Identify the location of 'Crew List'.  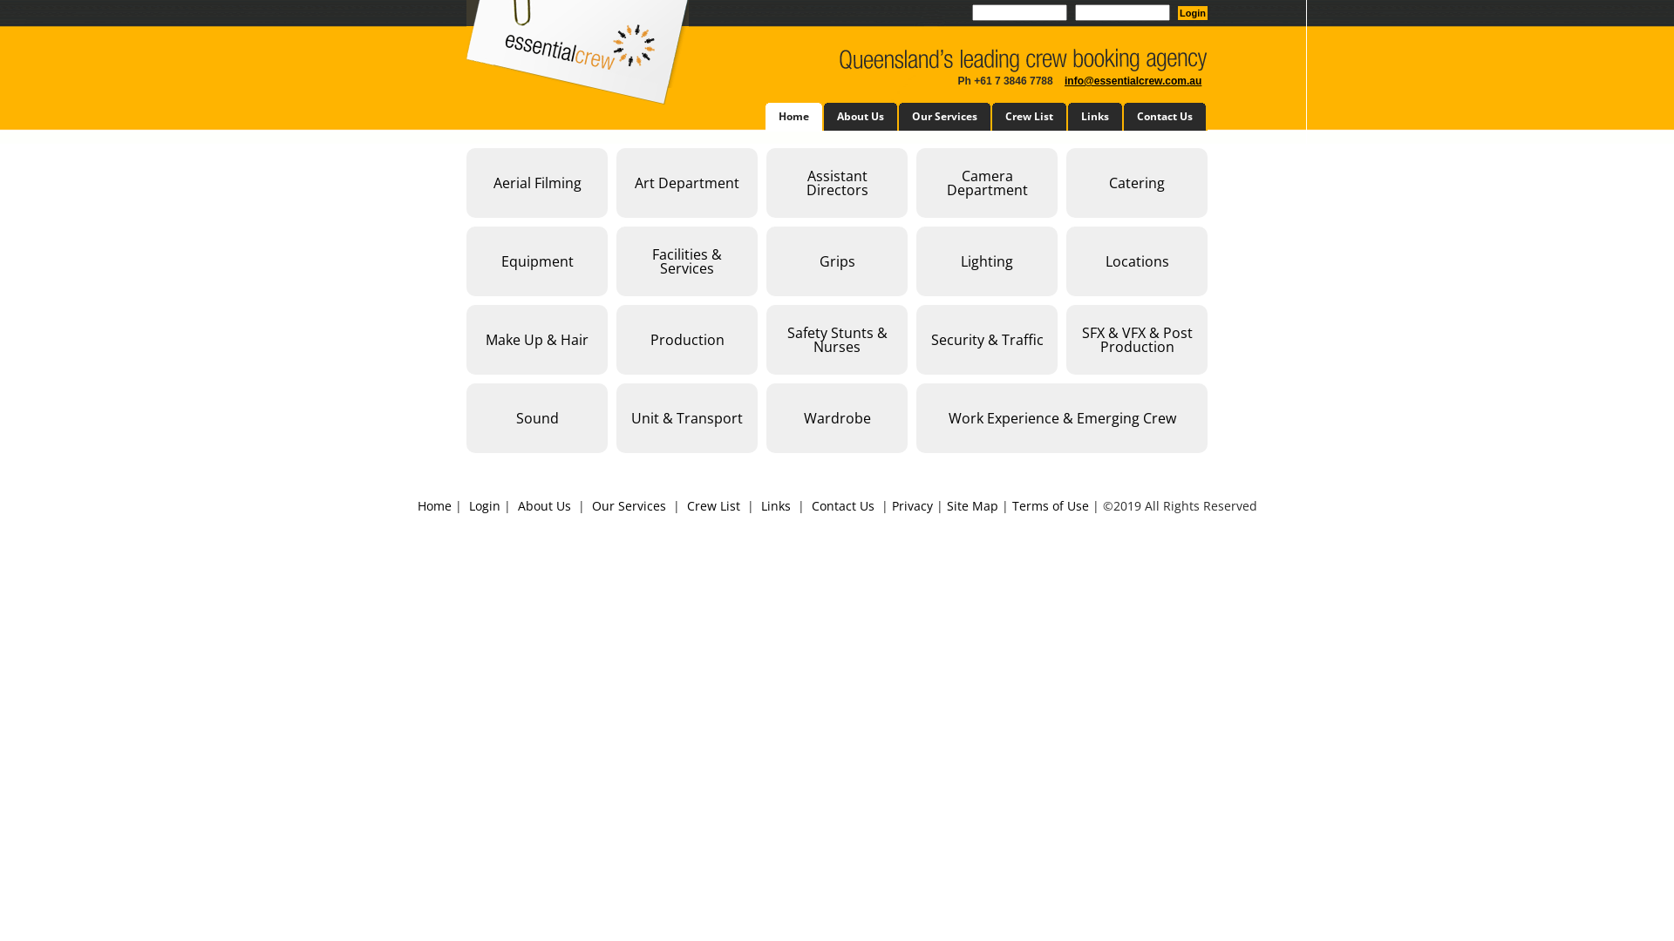
(713, 505).